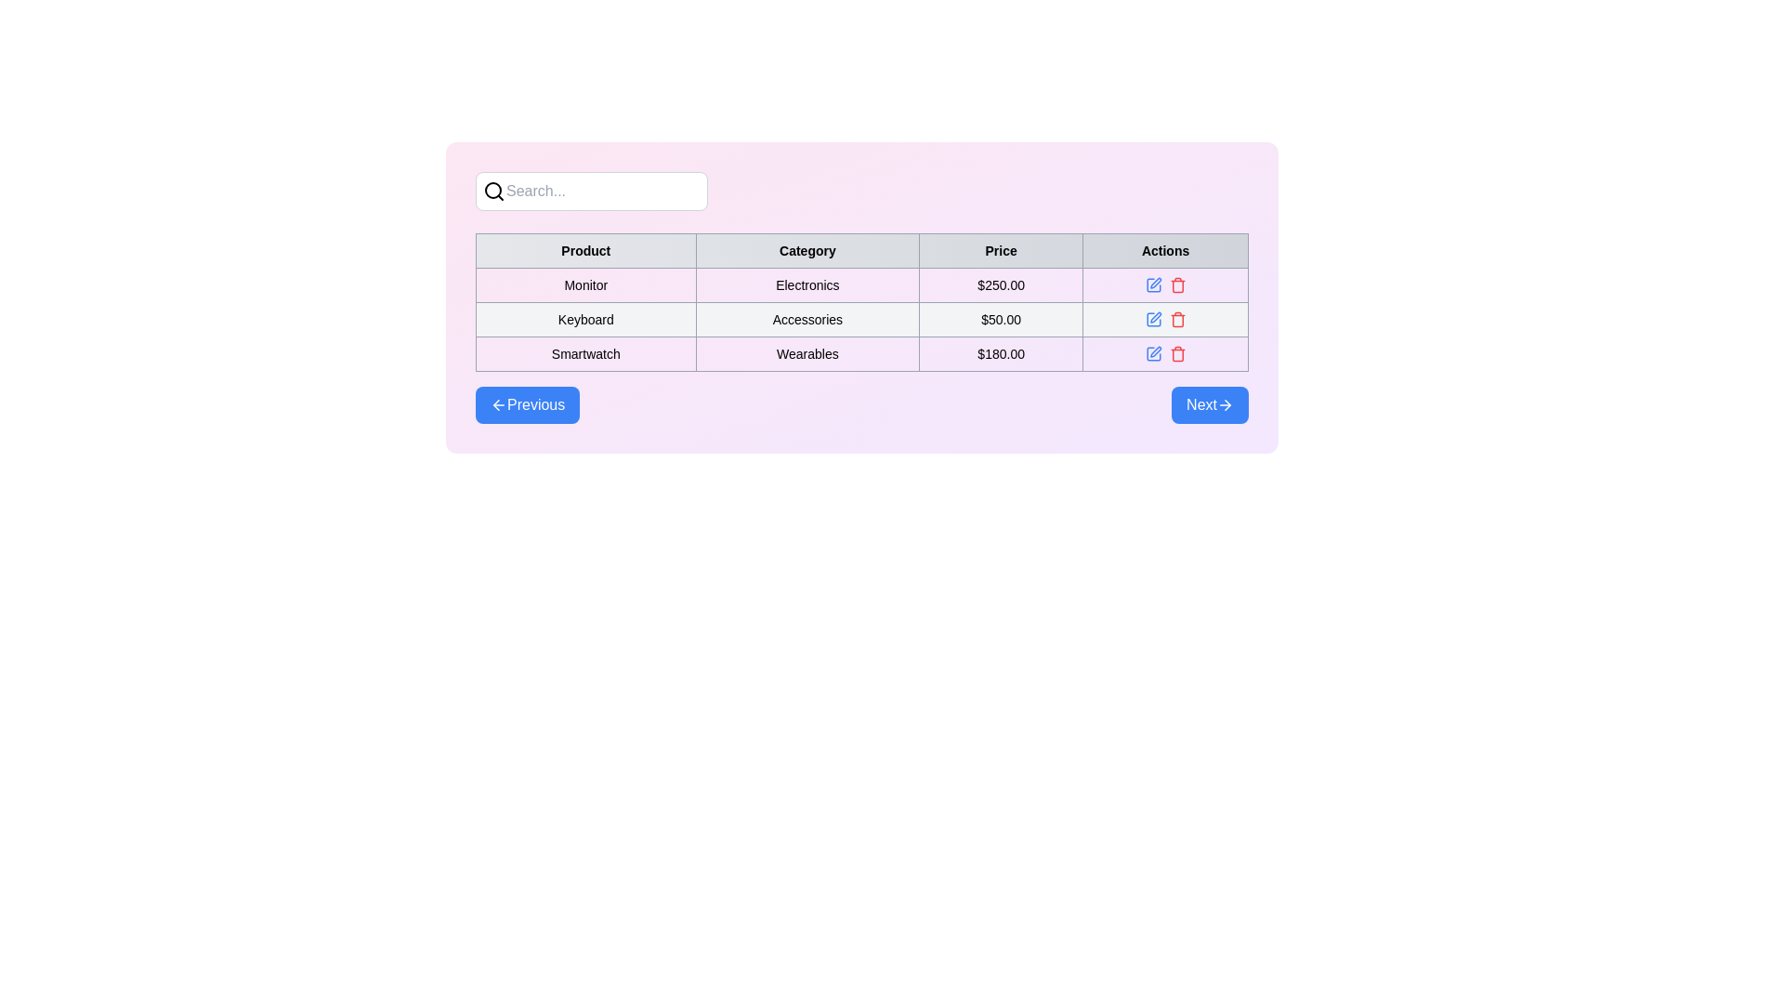 The image size is (1784, 1004). What do you see at coordinates (1176, 285) in the screenshot?
I see `the red trash bin icon, which is the second icon in the 'Actions' column of the topmost row in the table` at bounding box center [1176, 285].